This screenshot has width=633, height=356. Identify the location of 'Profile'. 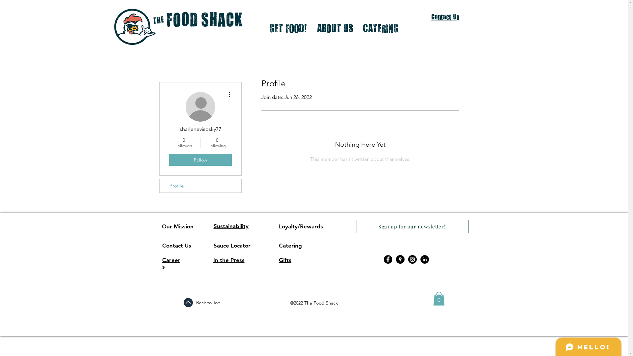
(160, 186).